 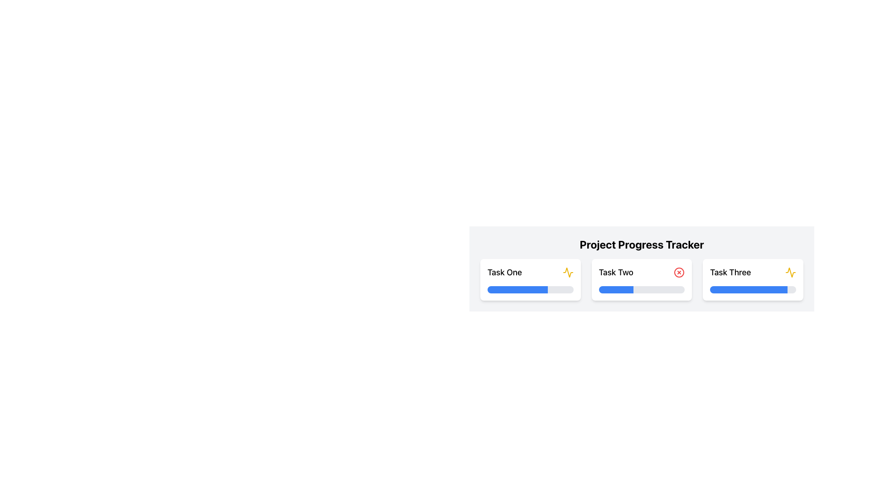 What do you see at coordinates (517, 290) in the screenshot?
I see `the blue progress bar indicating 70% completion under the 'Task One' section of the 'Project Progress Tracker'` at bounding box center [517, 290].